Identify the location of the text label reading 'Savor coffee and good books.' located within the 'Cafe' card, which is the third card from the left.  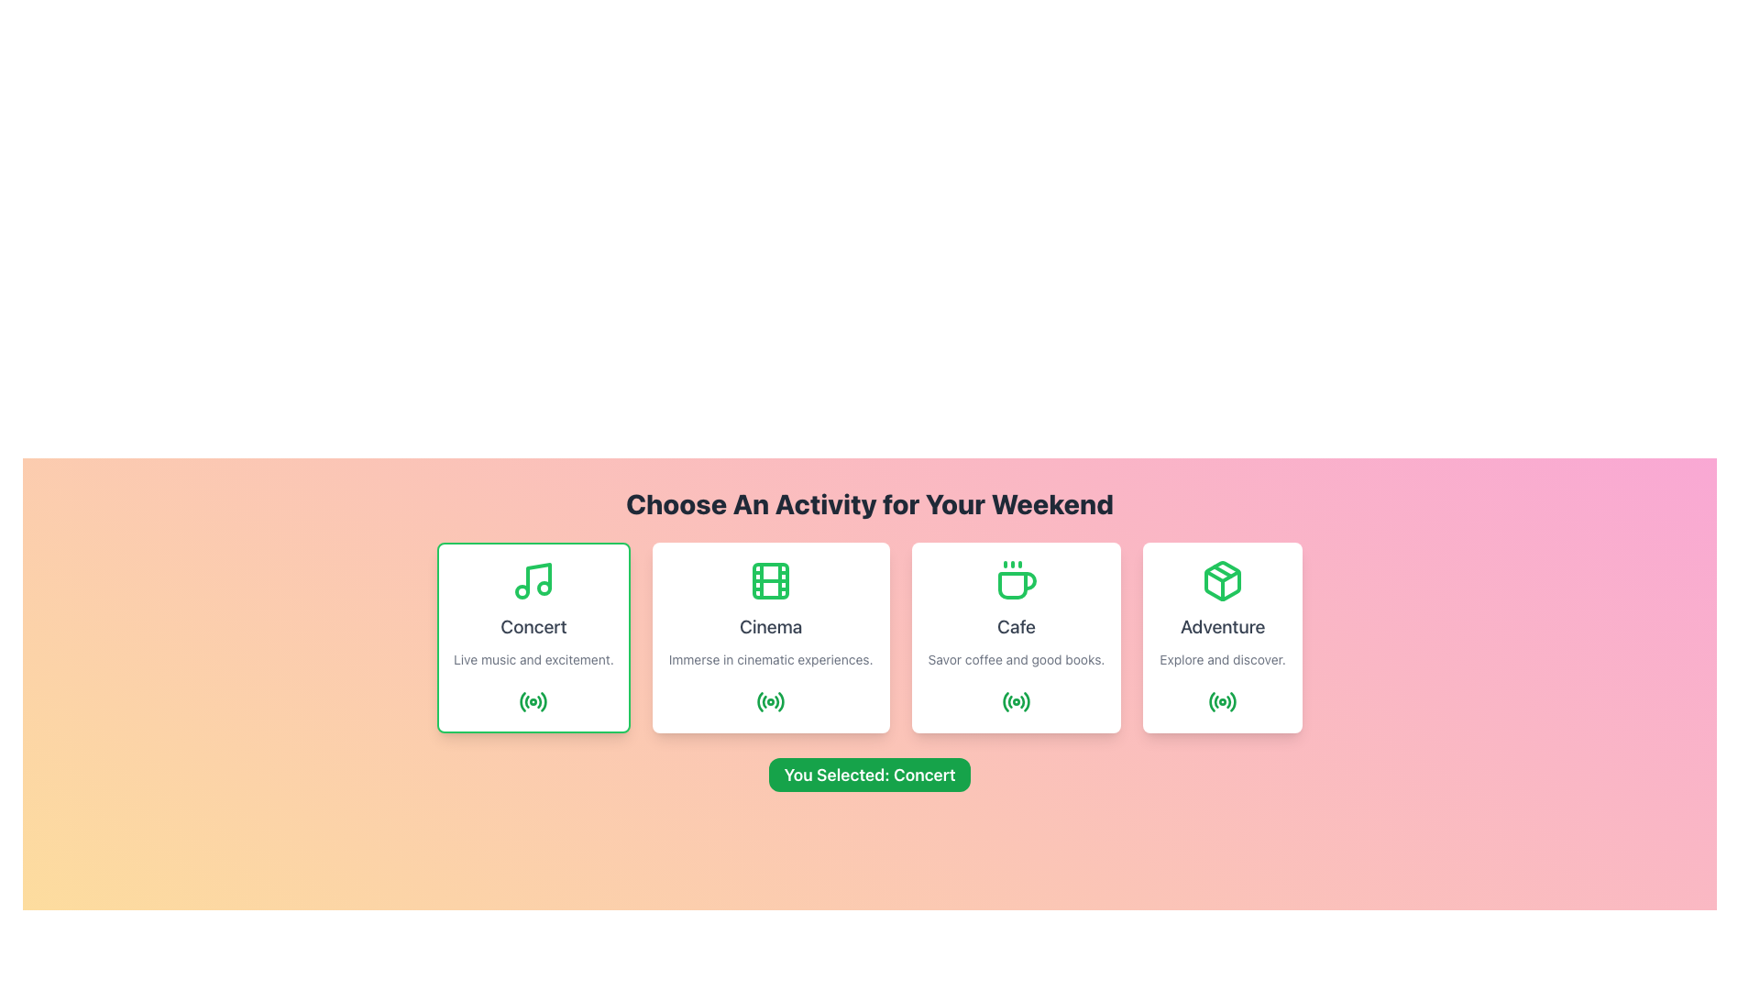
(1015, 660).